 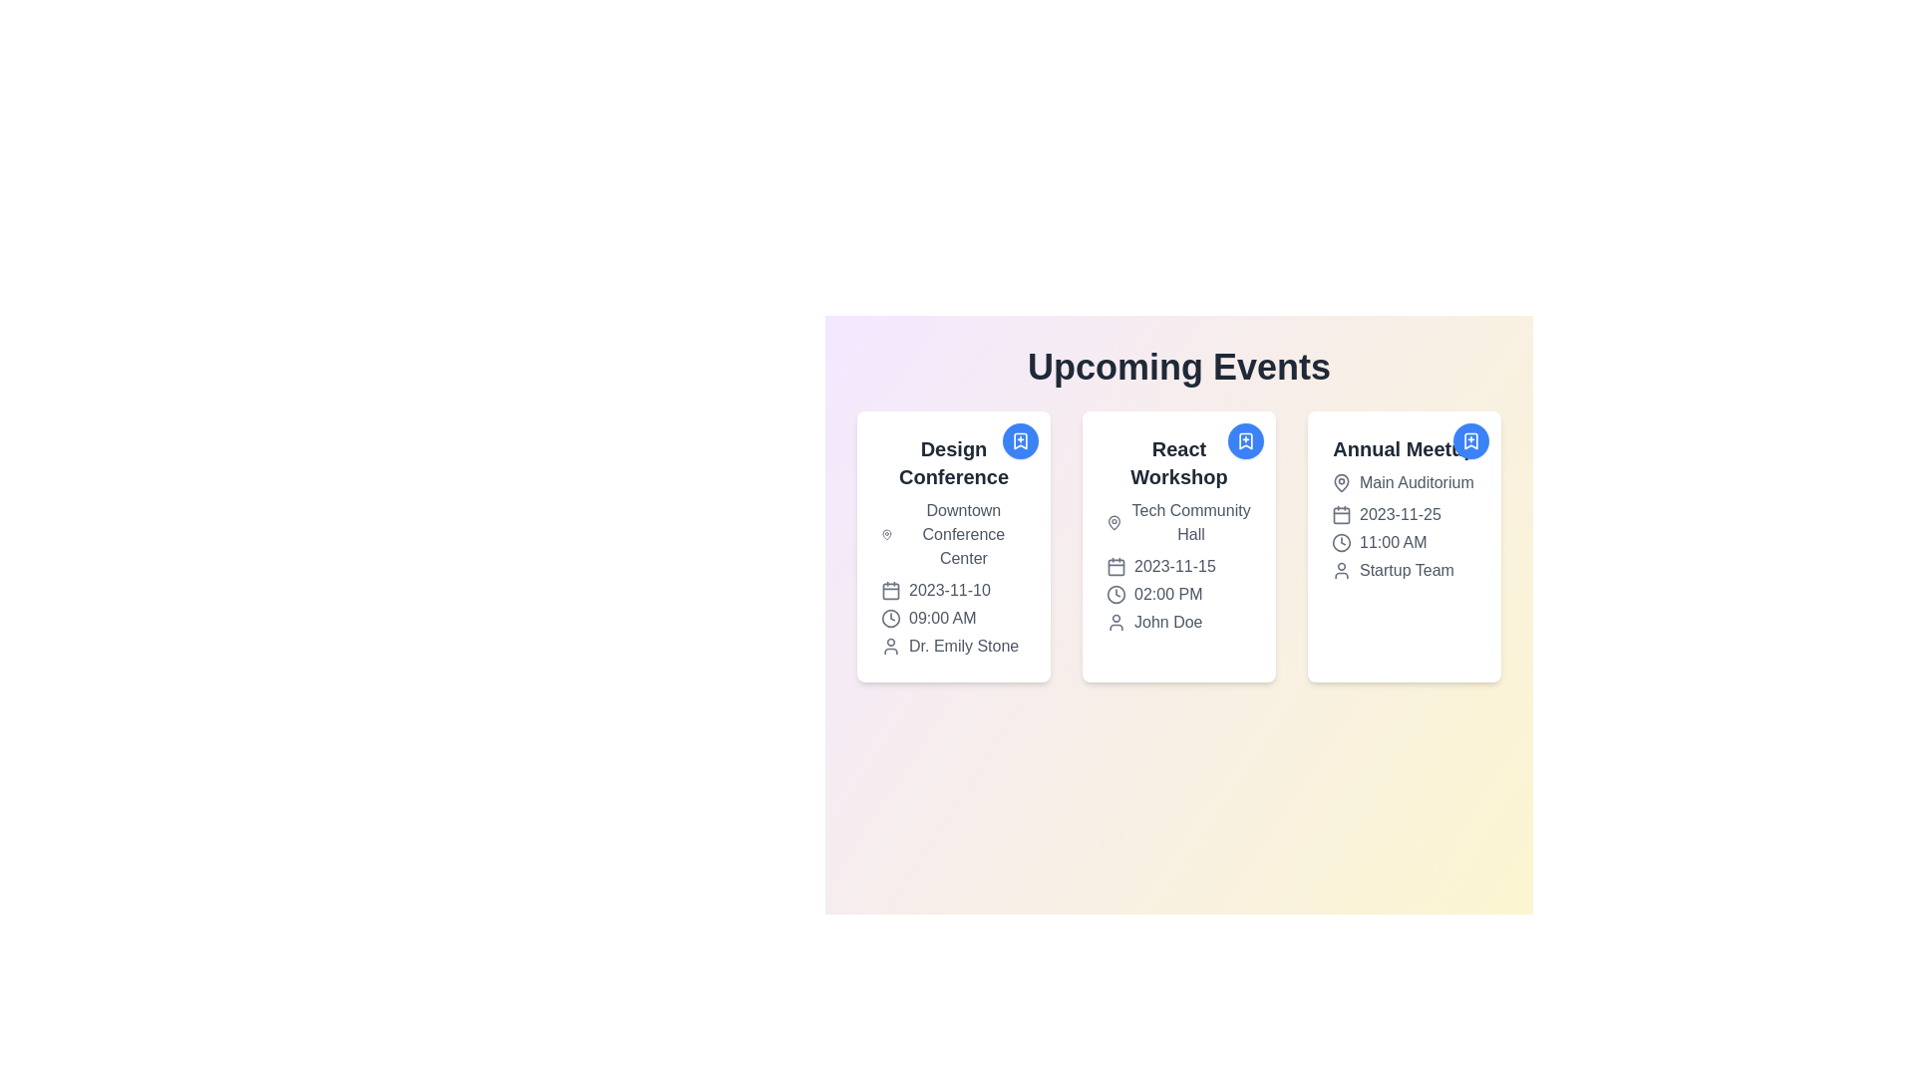 I want to click on the calendar icon located in the left part of the 'Annual Meeting' event details, before the date '2023-11-25', so click(x=1341, y=513).